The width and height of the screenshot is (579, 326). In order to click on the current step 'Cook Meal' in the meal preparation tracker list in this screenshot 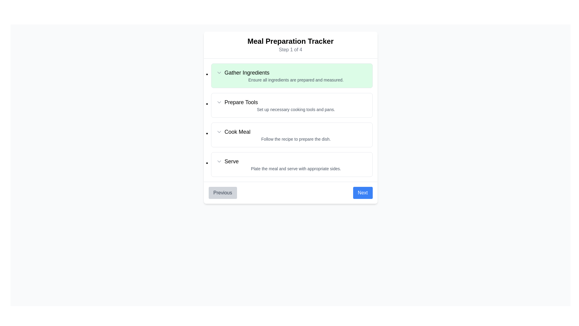, I will do `click(290, 120)`.